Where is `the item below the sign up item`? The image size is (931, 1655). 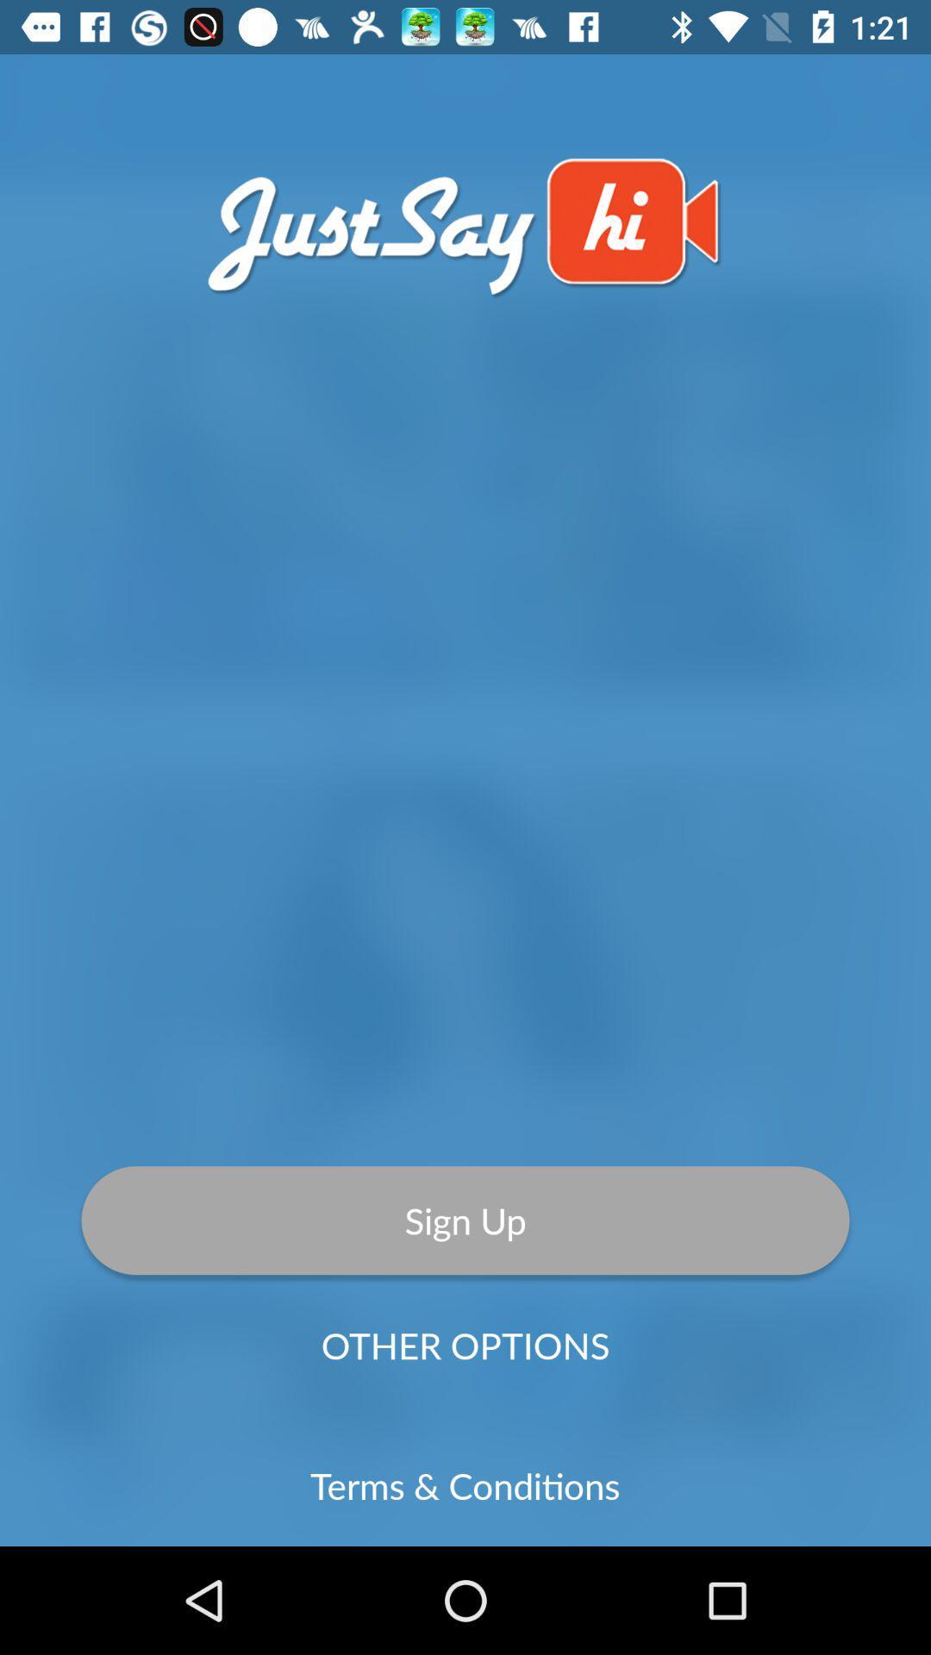
the item below the sign up item is located at coordinates (465, 1344).